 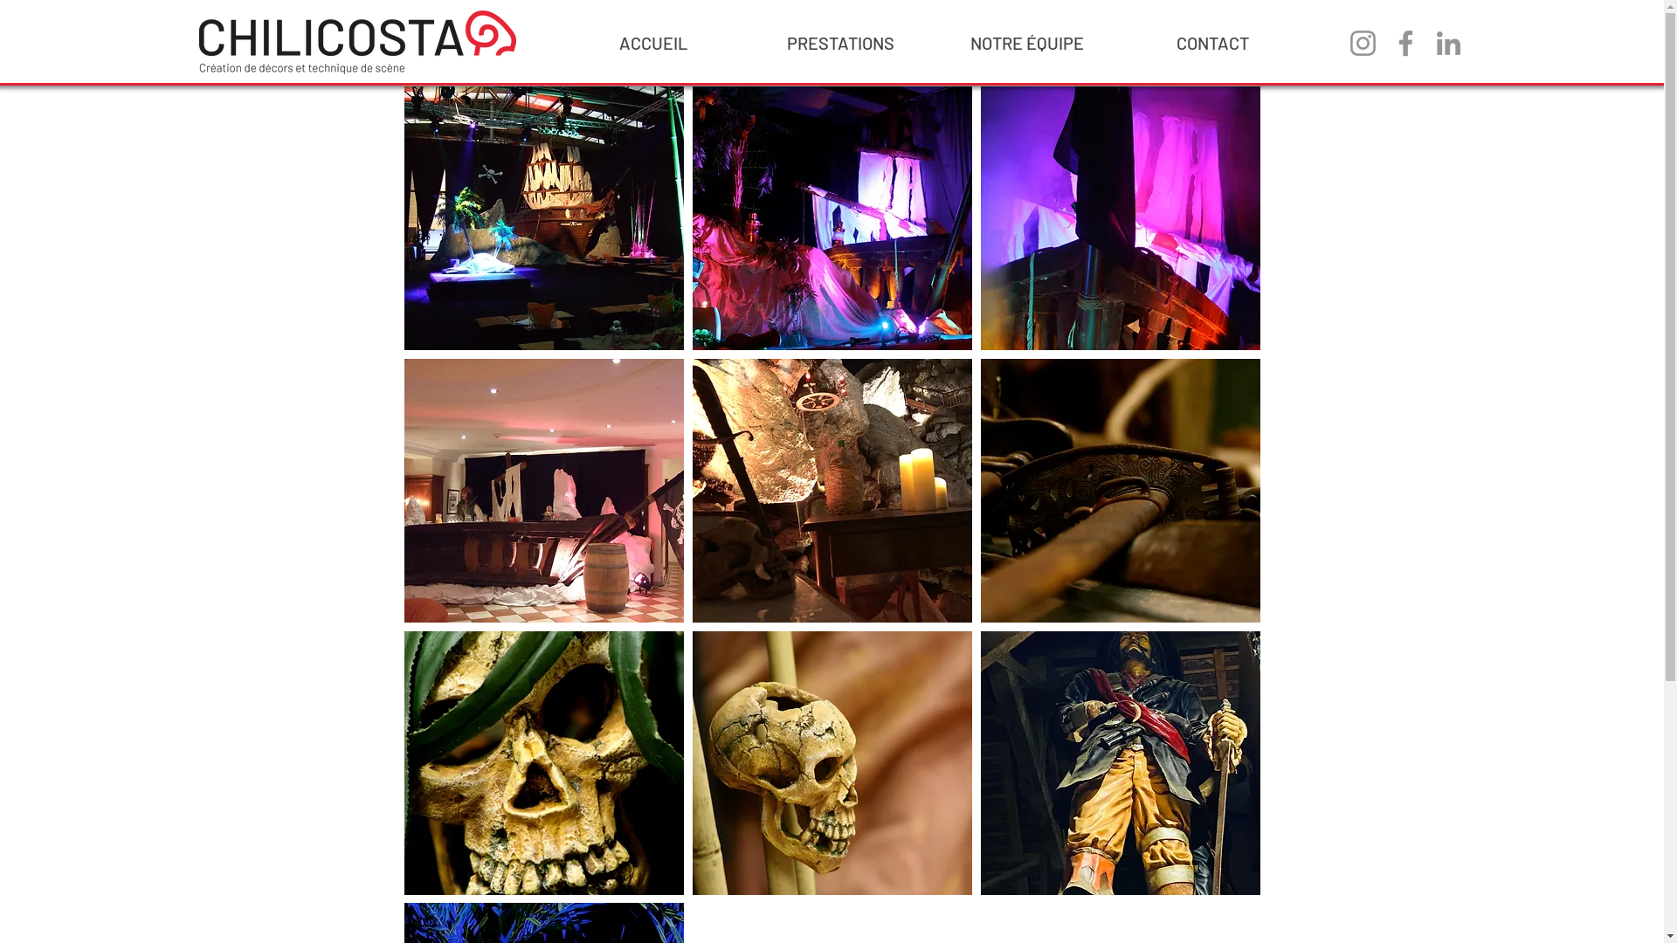 I want to click on 'PRESTATIONS', so click(x=838, y=42).